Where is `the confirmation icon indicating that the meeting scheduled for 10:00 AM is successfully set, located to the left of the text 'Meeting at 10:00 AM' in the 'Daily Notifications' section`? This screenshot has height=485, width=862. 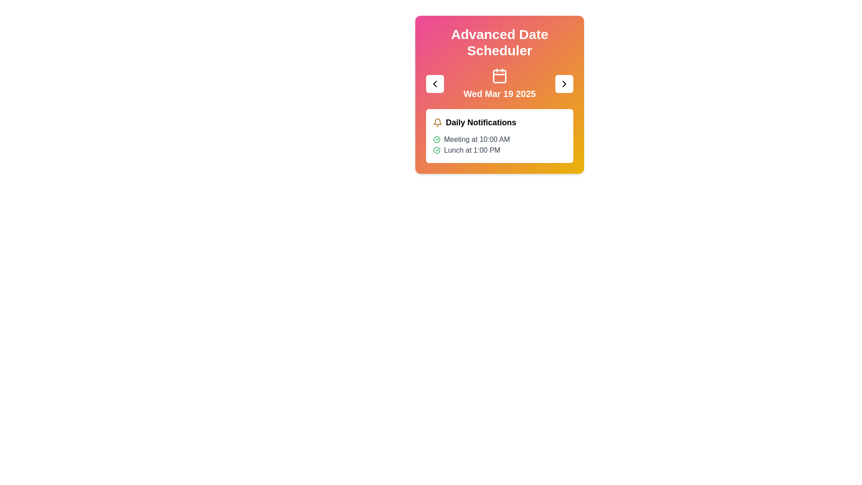 the confirmation icon indicating that the meeting scheduled for 10:00 AM is successfully set, located to the left of the text 'Meeting at 10:00 AM' in the 'Daily Notifications' section is located at coordinates (437, 140).